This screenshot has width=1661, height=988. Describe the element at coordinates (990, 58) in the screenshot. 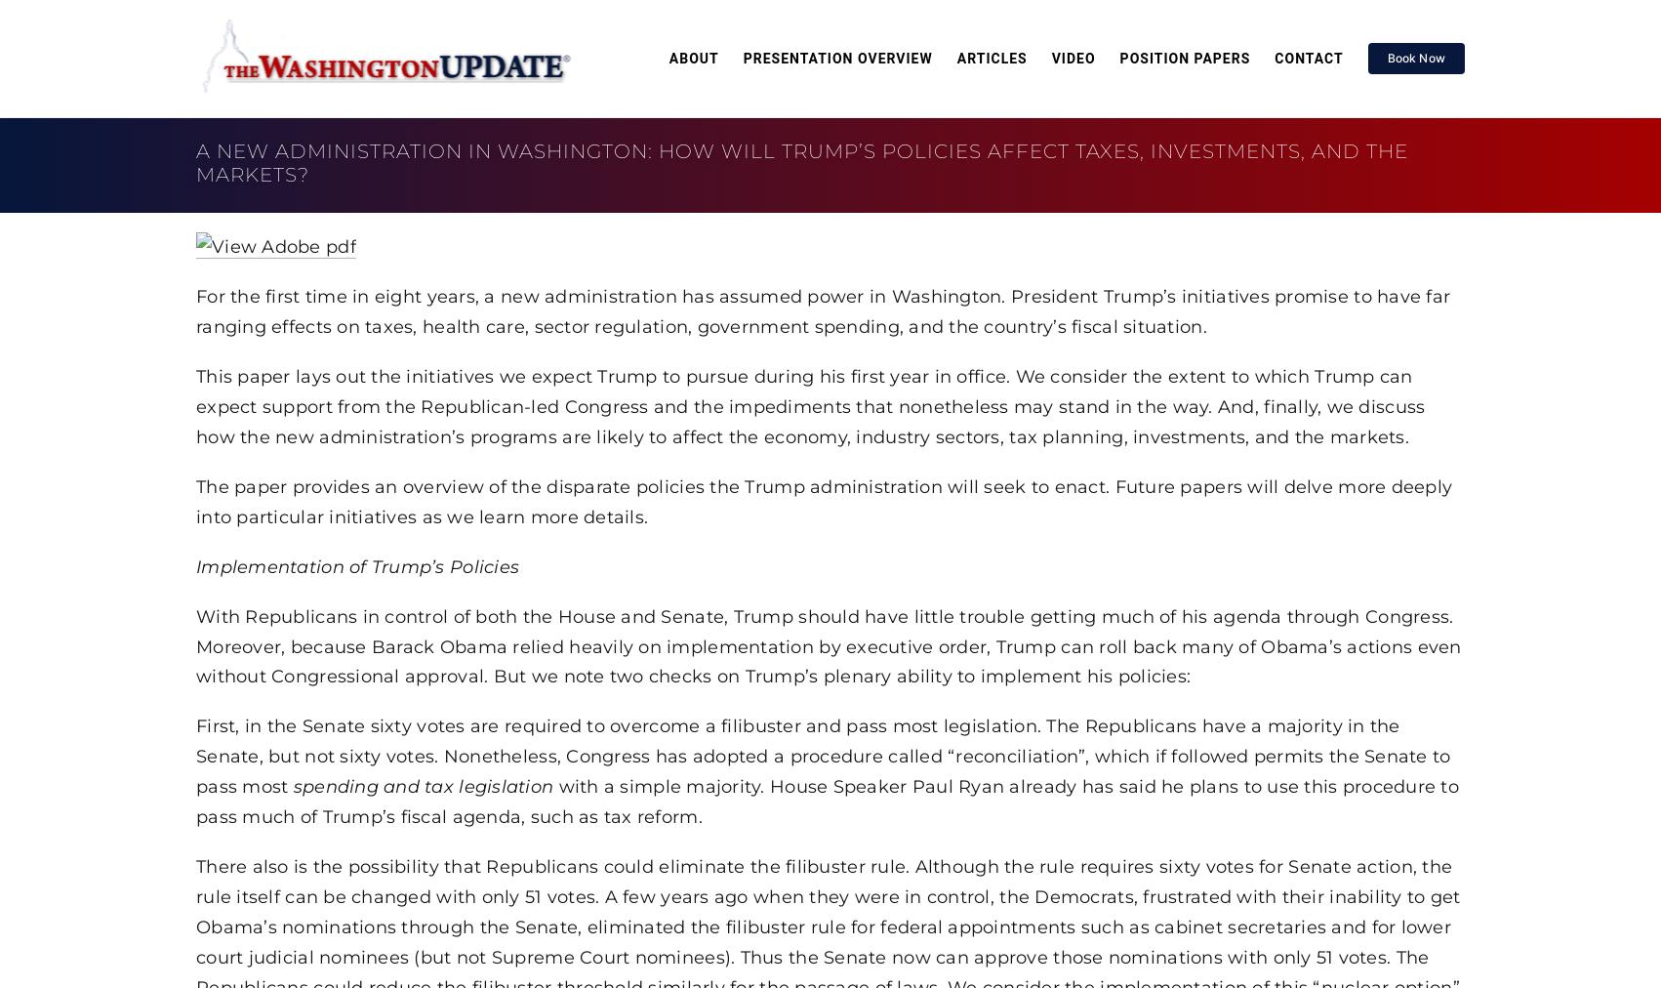

I see `'Articles'` at that location.